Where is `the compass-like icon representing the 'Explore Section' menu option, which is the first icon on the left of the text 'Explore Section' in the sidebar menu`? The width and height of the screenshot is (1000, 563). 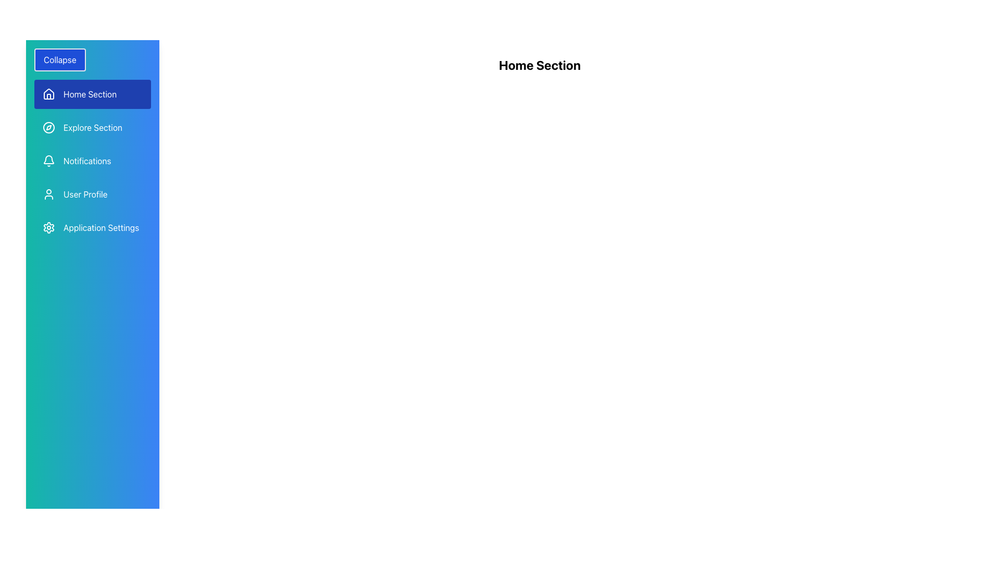 the compass-like icon representing the 'Explore Section' menu option, which is the first icon on the left of the text 'Explore Section' in the sidebar menu is located at coordinates (48, 127).